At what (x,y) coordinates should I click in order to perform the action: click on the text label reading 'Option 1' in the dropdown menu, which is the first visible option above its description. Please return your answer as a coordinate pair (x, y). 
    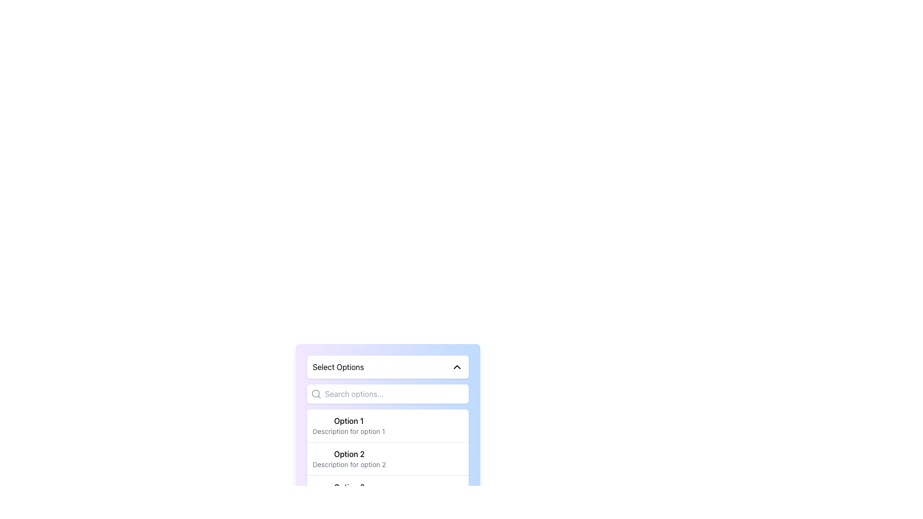
    Looking at the image, I should click on (348, 420).